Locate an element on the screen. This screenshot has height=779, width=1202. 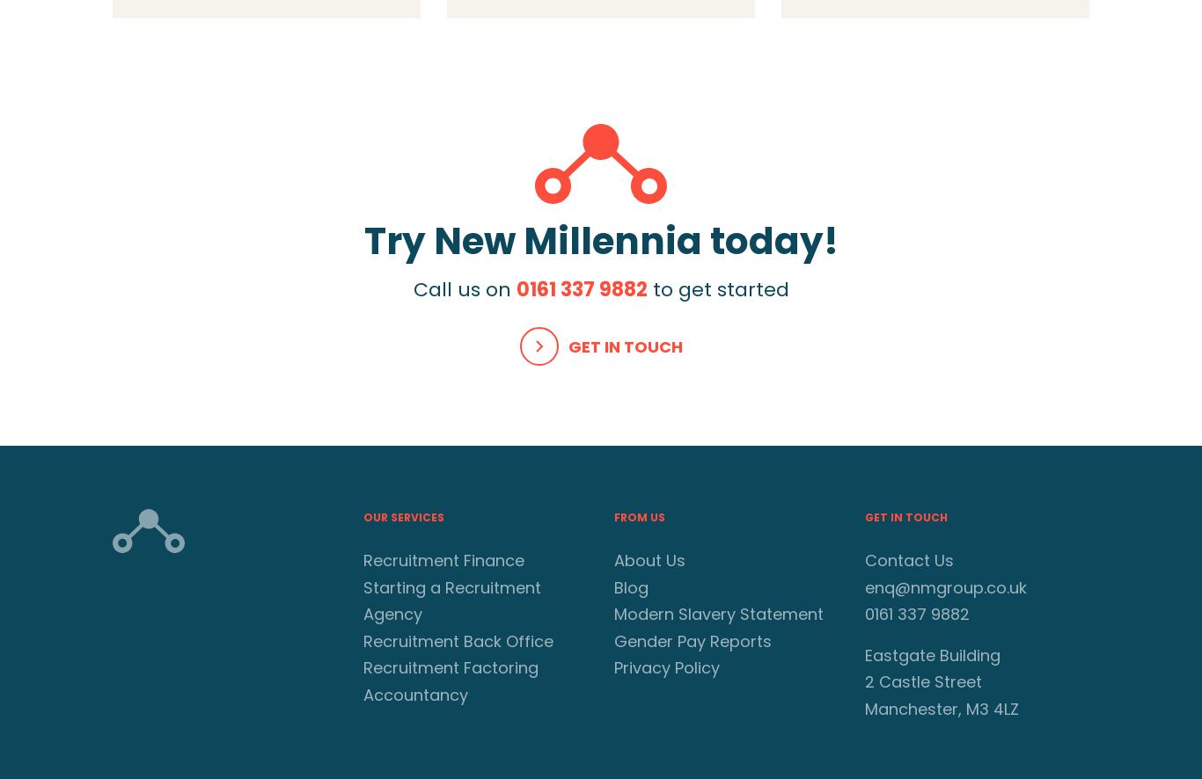
'Blog' is located at coordinates (631, 586).